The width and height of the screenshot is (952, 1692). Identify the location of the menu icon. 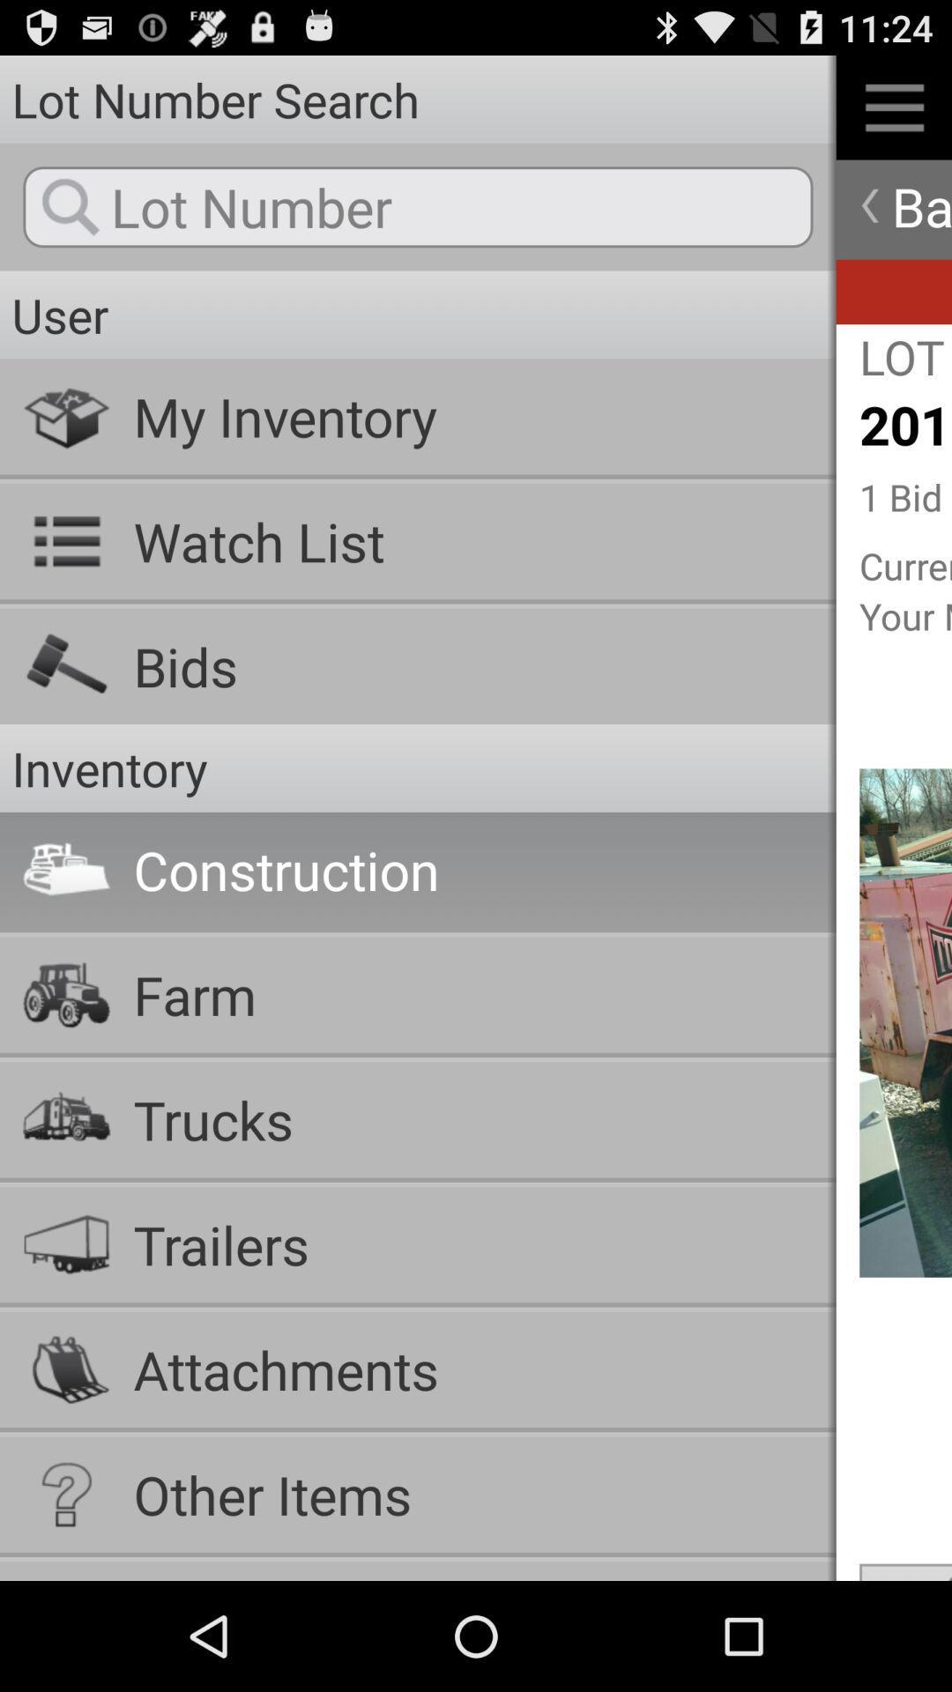
(894, 114).